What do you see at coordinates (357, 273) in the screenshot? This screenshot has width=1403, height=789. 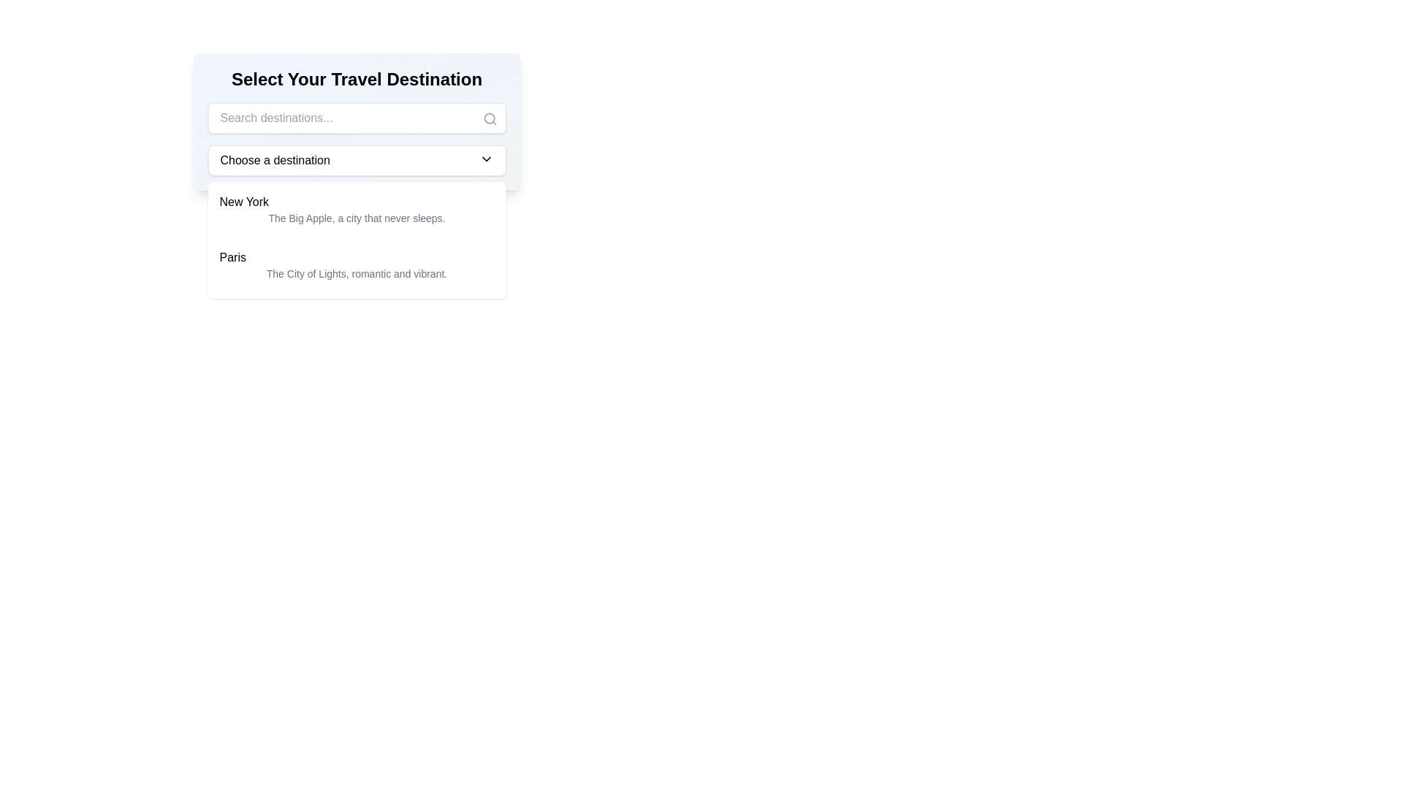 I see `the descriptive text element for the 'Paris' entry in the dropdown menu, which is located directly below the 'Paris' heading` at bounding box center [357, 273].